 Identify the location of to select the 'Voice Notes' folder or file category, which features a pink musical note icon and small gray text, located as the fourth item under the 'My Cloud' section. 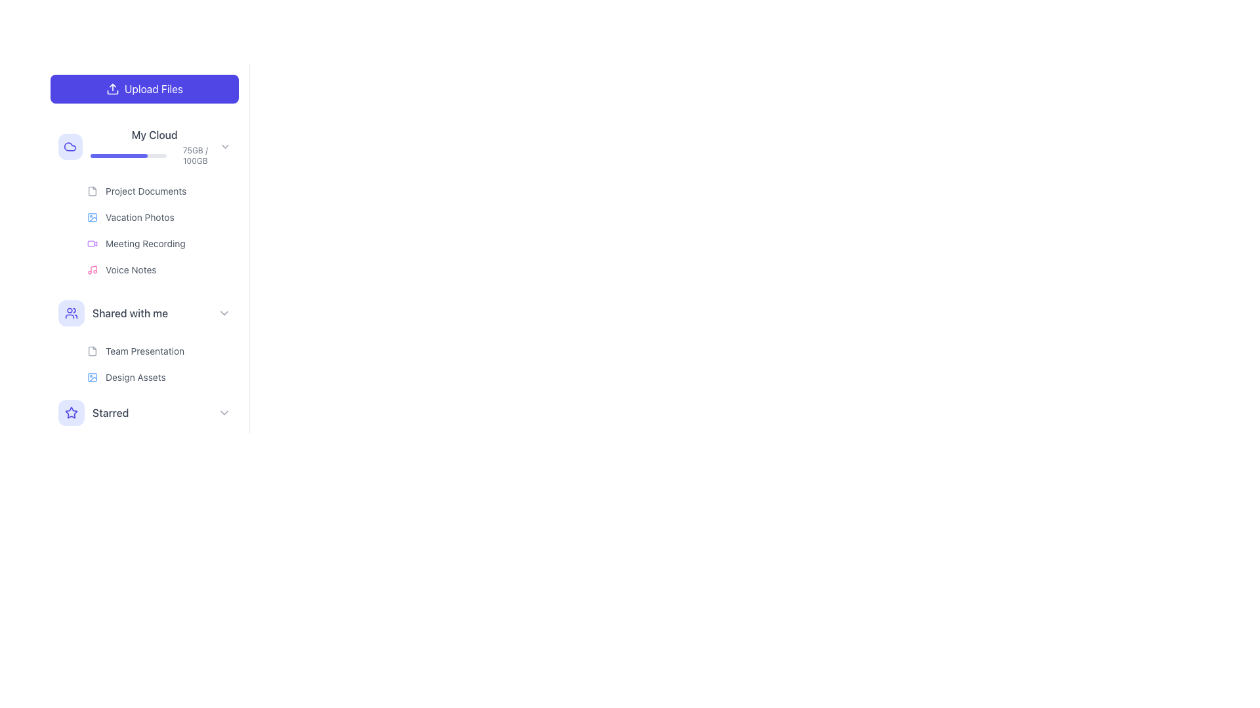
(121, 269).